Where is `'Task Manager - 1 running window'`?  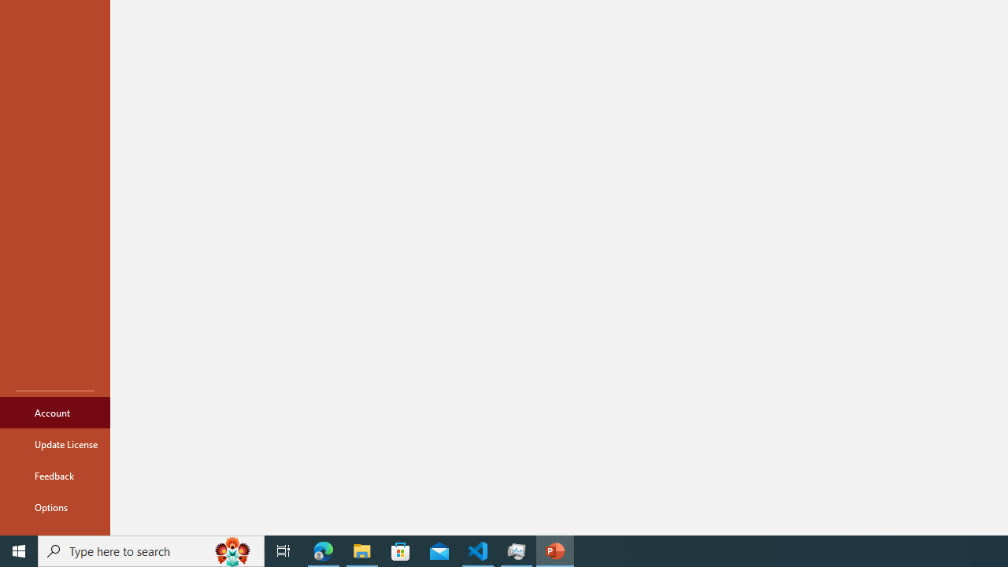 'Task Manager - 1 running window' is located at coordinates (517, 550).